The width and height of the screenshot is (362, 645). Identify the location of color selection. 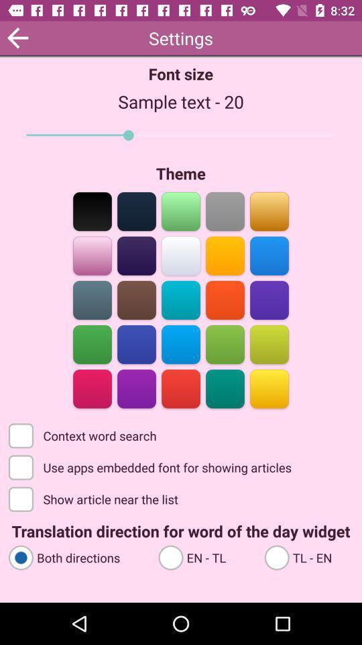
(136, 388).